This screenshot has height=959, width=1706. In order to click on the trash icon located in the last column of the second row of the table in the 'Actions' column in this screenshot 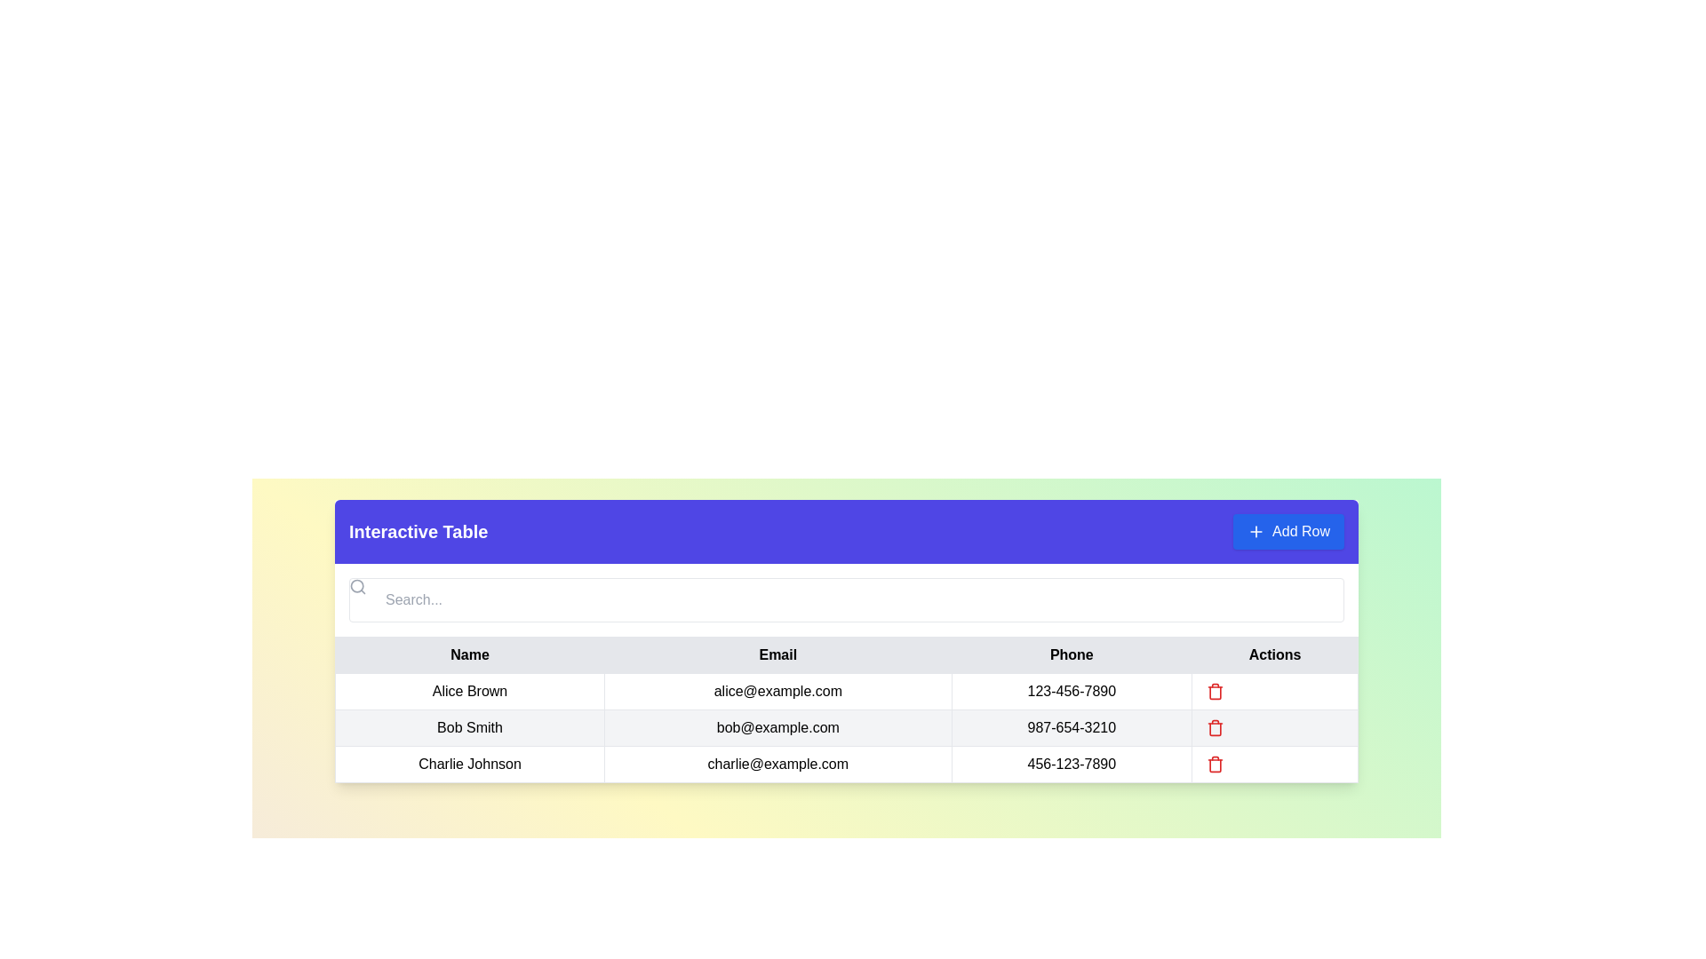, I will do `click(1215, 729)`.